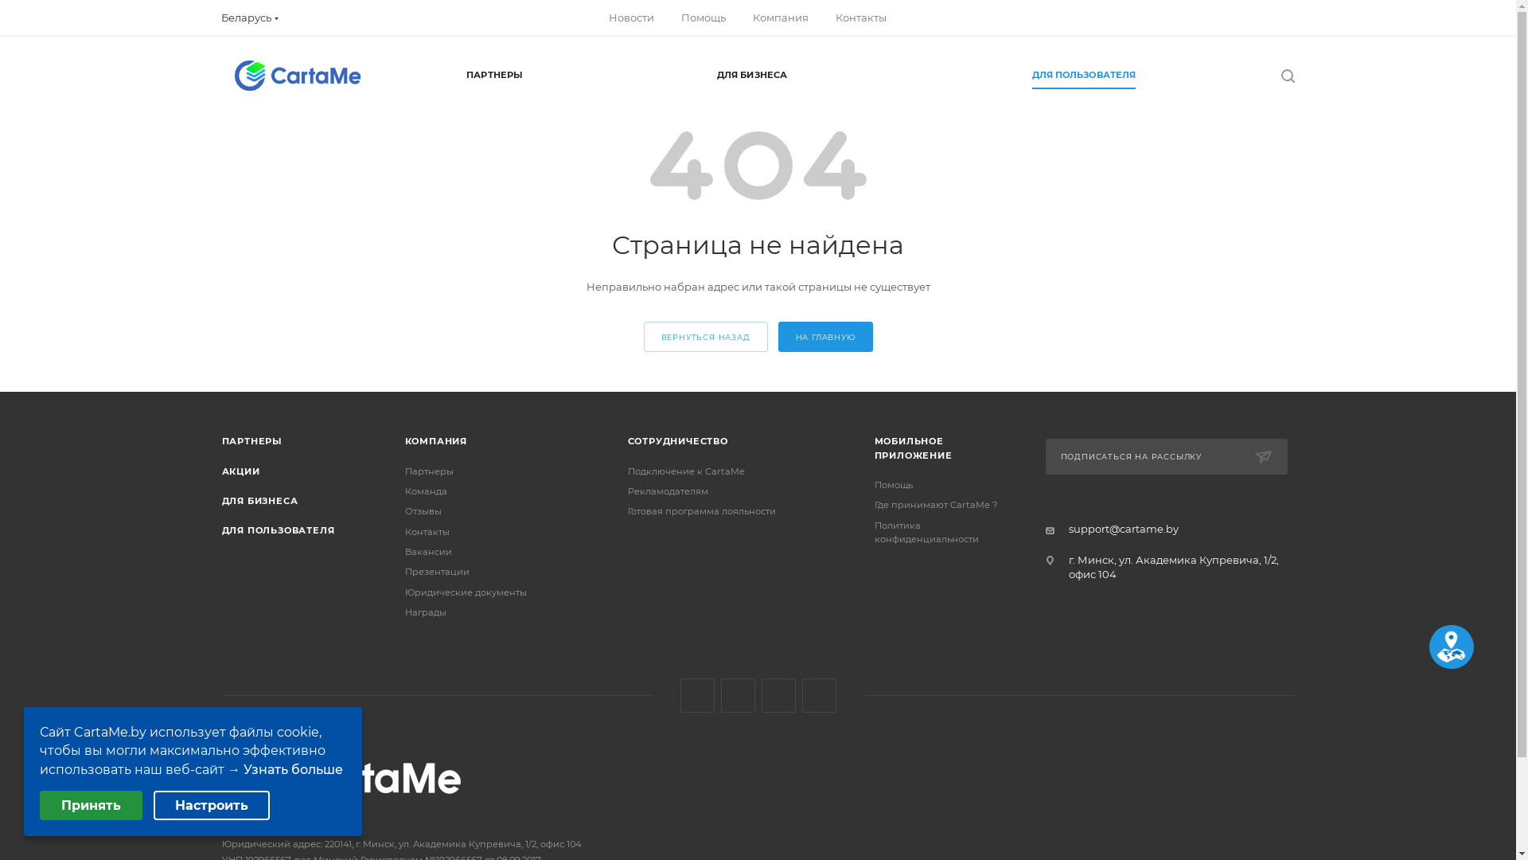  What do you see at coordinates (297, 76) in the screenshot?
I see `'cartame.by'` at bounding box center [297, 76].